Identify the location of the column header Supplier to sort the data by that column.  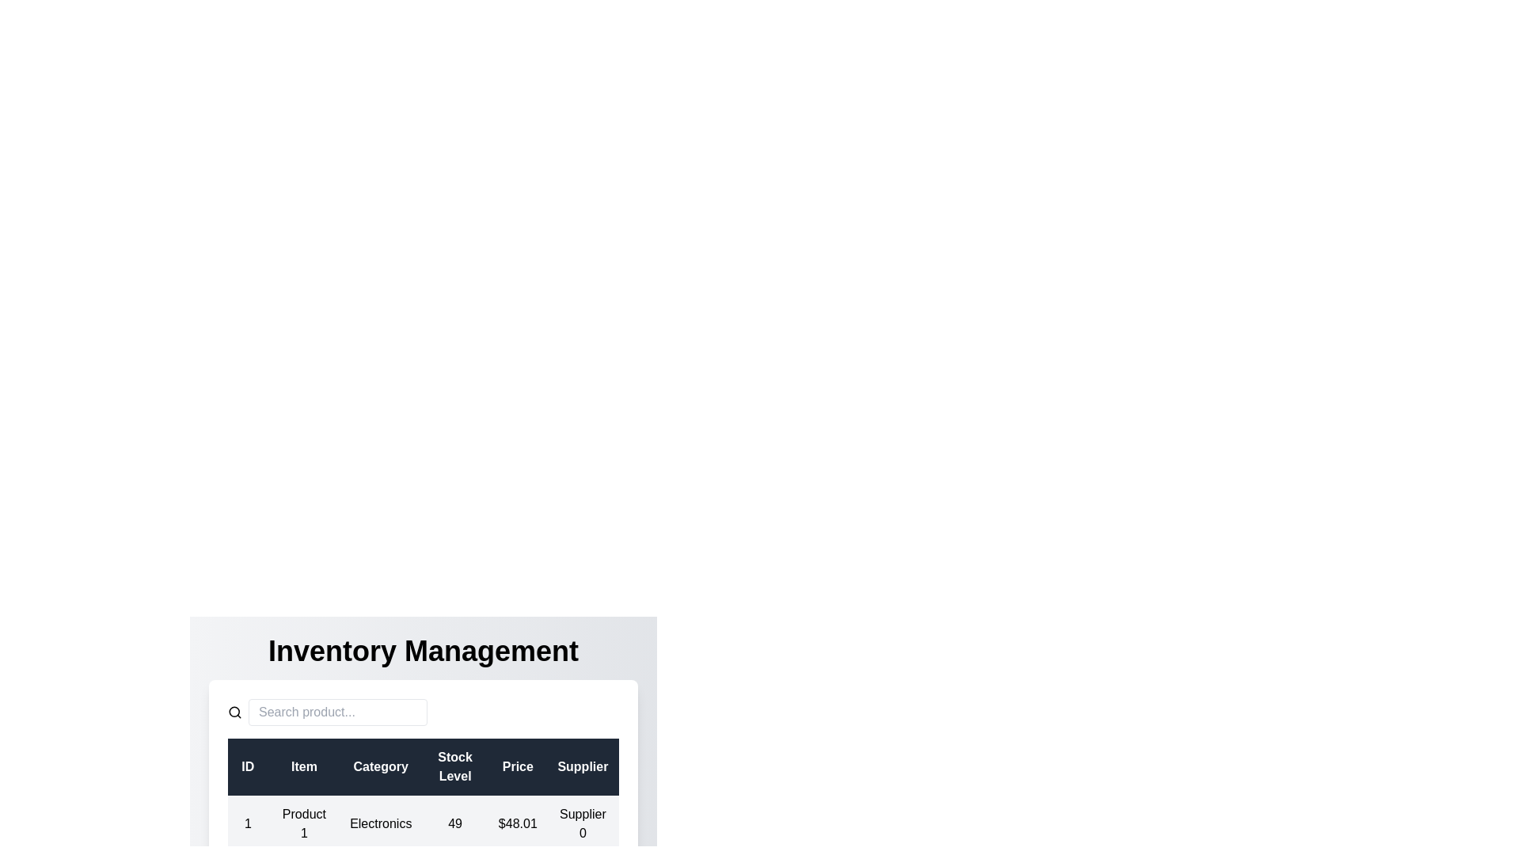
(581, 766).